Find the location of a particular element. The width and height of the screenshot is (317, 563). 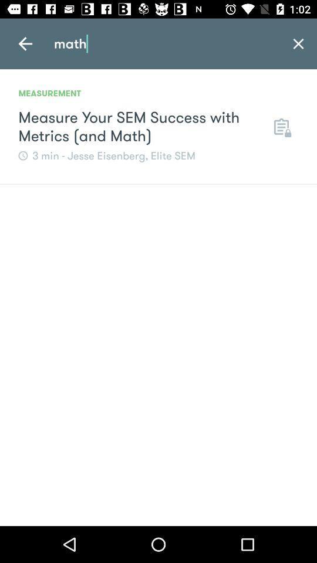

item to the right of measure your sem item is located at coordinates (281, 127).